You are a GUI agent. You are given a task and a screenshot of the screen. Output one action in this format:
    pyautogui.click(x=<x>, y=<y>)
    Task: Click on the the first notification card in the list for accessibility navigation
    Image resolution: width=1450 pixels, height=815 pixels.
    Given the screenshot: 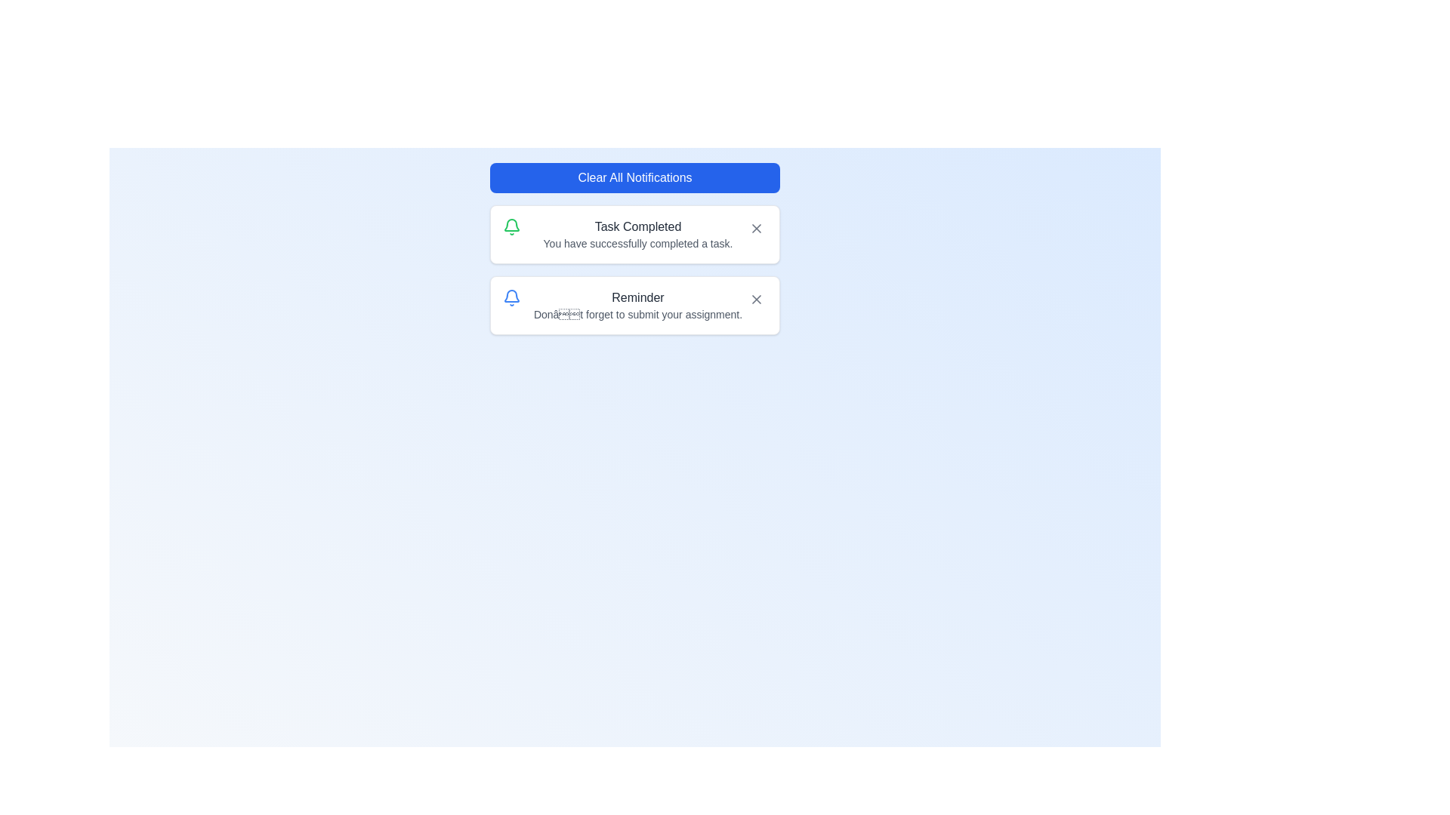 What is the action you would take?
    pyautogui.click(x=634, y=235)
    